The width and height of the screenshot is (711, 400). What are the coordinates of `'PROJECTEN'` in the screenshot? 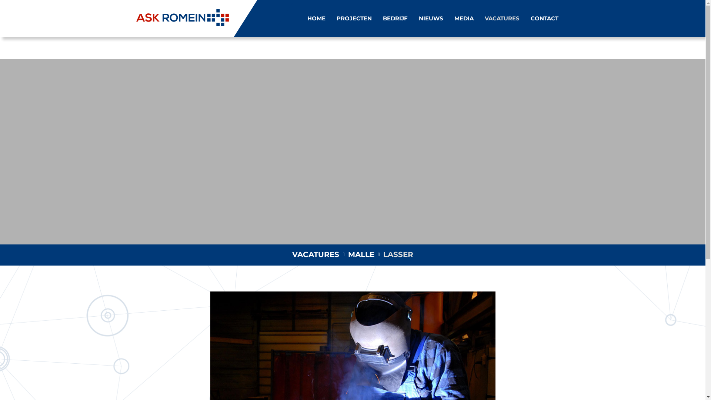 It's located at (353, 18).